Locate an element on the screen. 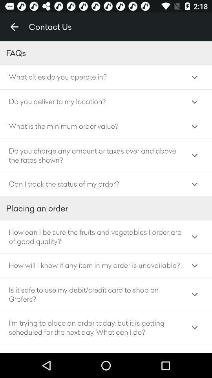  item to the left of contact us item is located at coordinates (14, 27).